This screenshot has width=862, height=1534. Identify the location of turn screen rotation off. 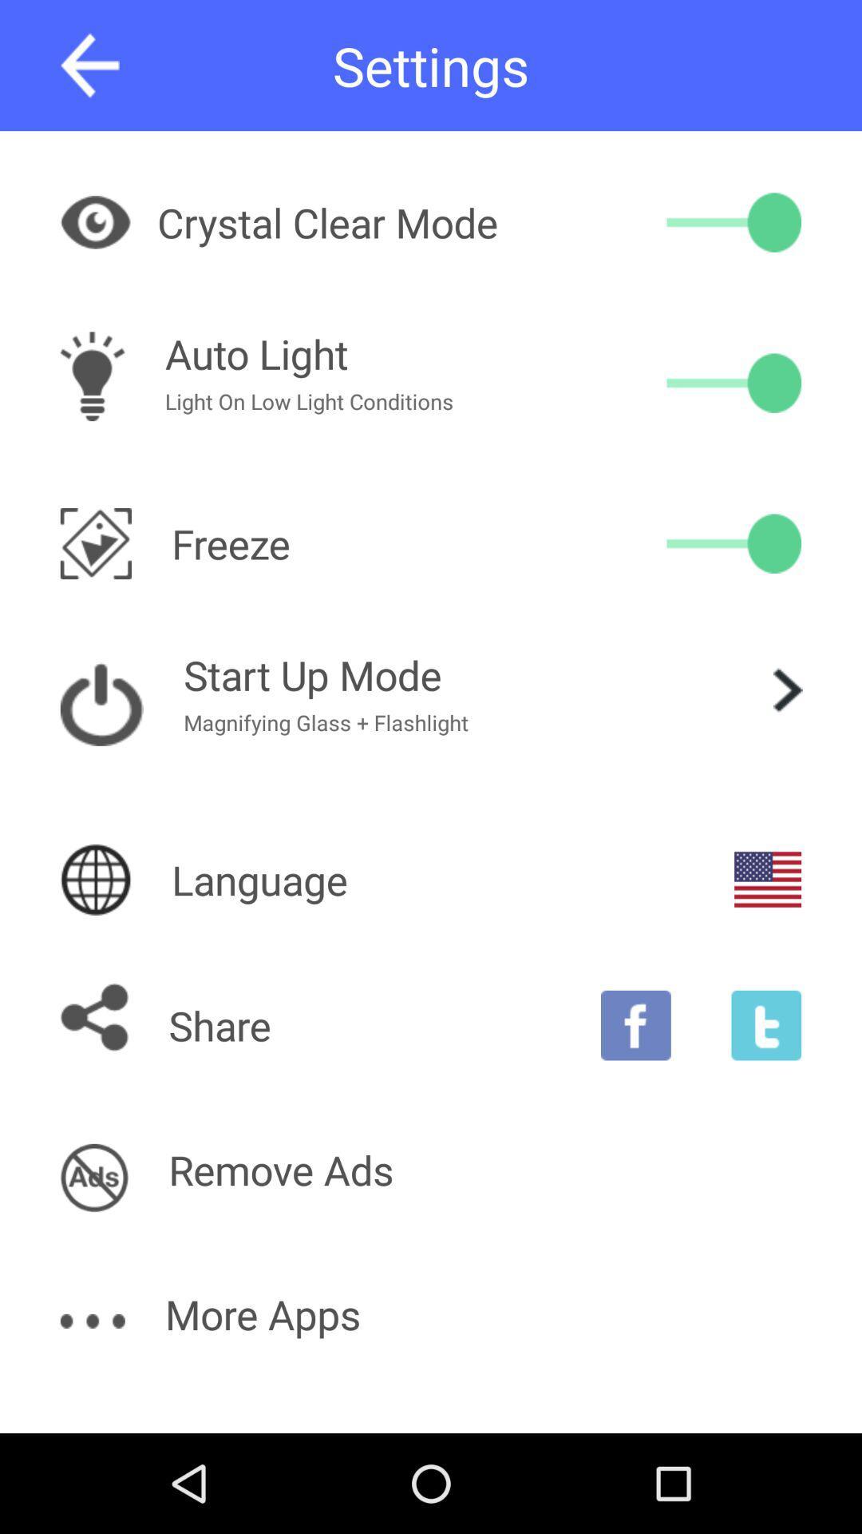
(733, 543).